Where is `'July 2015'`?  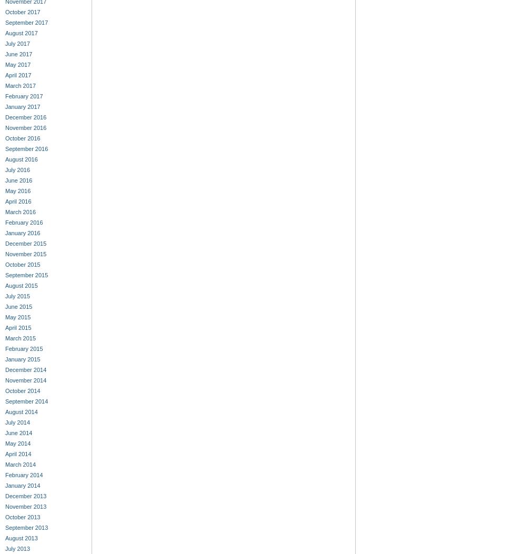
'July 2015' is located at coordinates (17, 296).